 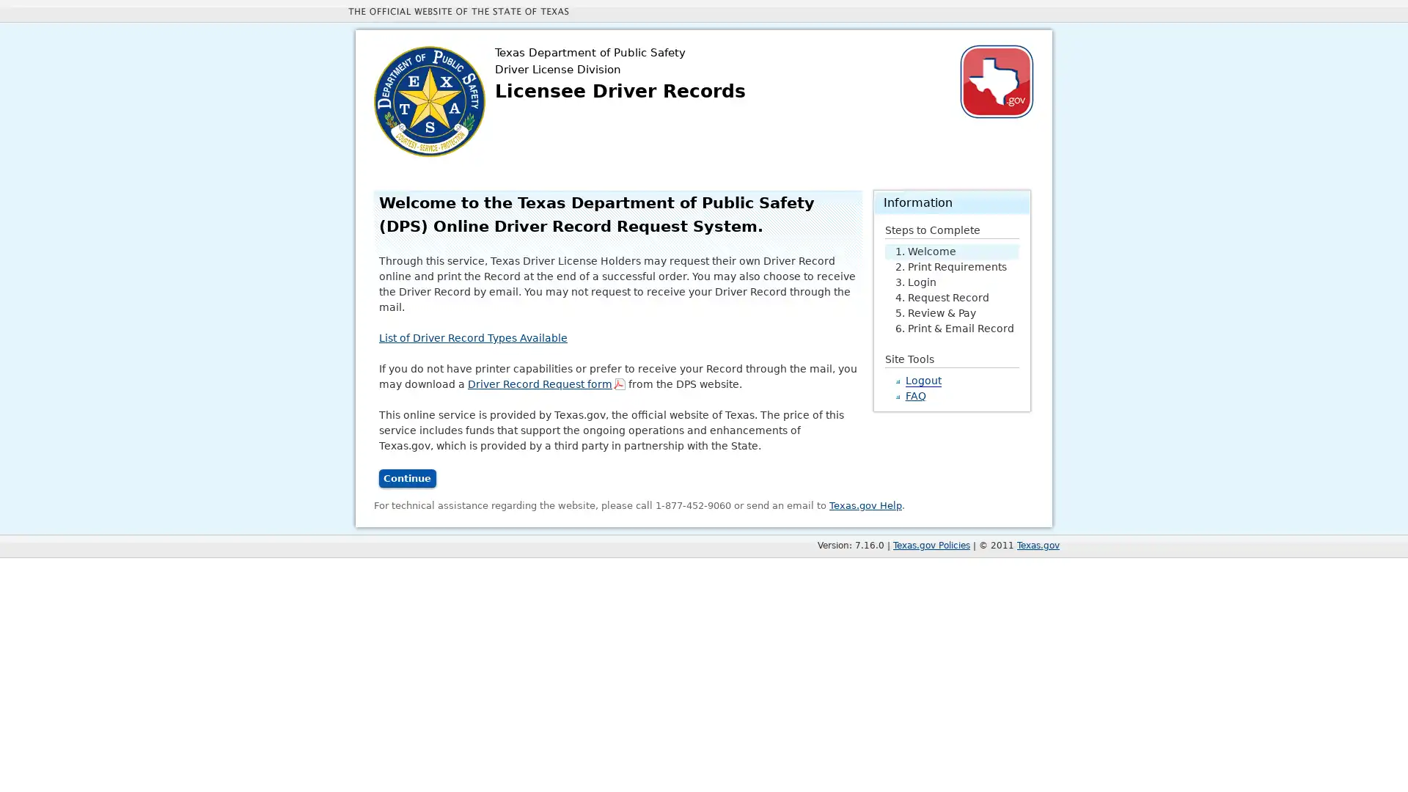 What do you see at coordinates (407, 478) in the screenshot?
I see `Continue` at bounding box center [407, 478].